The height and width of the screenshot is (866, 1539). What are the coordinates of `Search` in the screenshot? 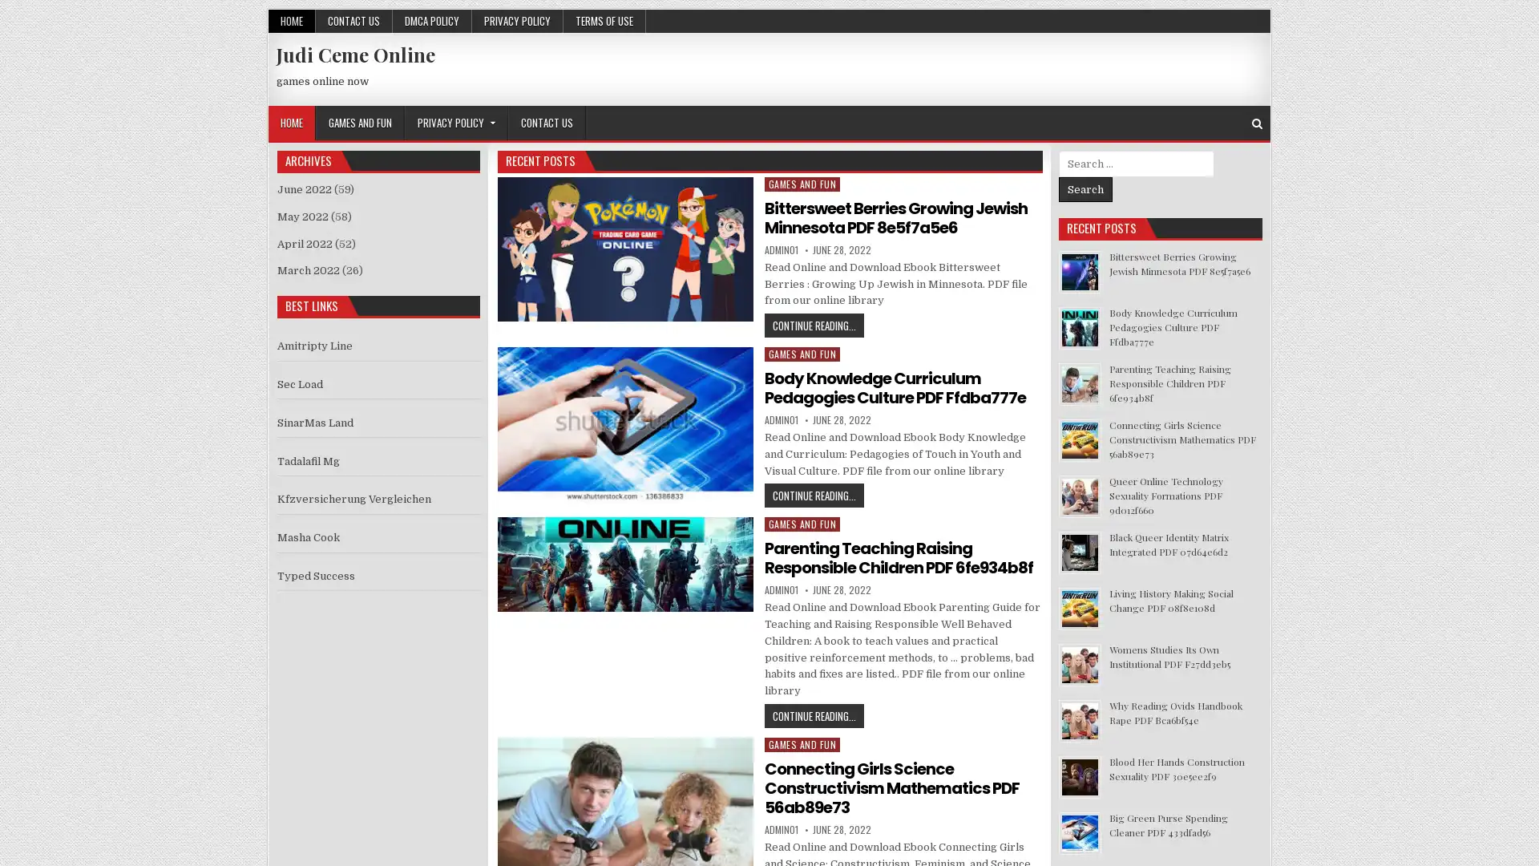 It's located at (1085, 188).